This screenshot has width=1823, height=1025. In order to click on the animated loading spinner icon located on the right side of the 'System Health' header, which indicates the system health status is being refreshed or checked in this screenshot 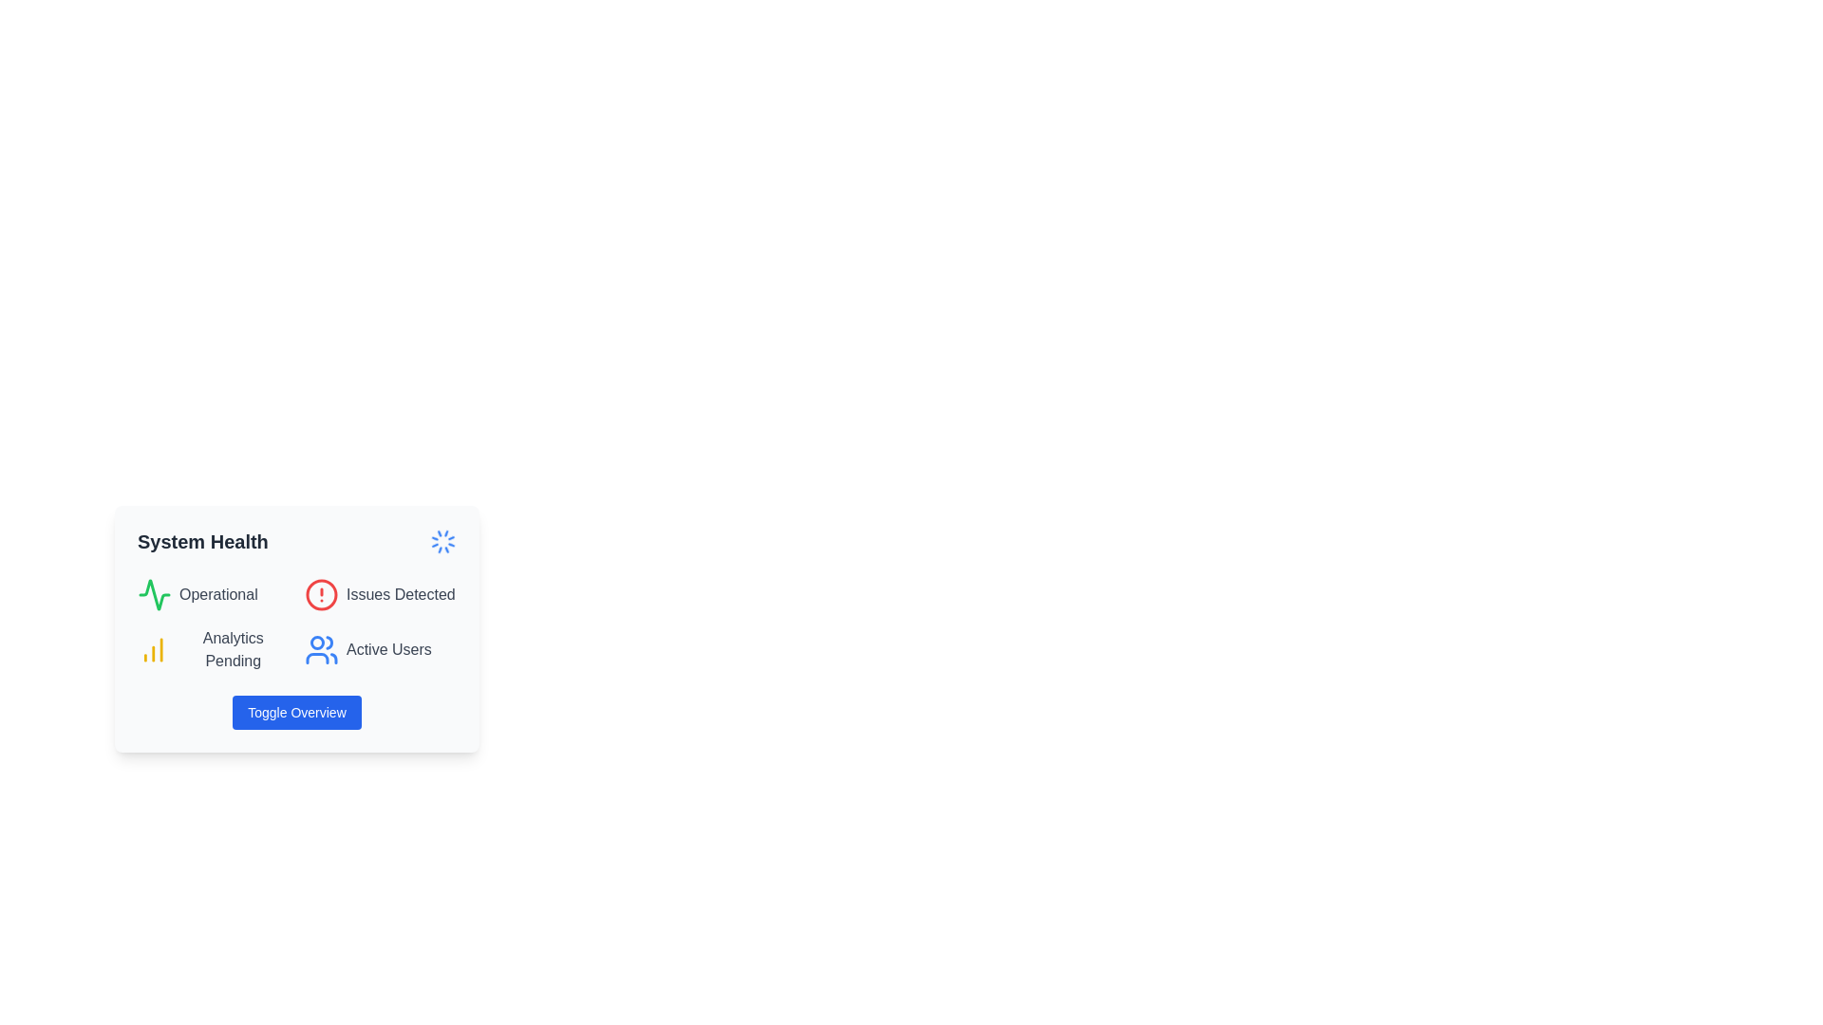, I will do `click(442, 541)`.